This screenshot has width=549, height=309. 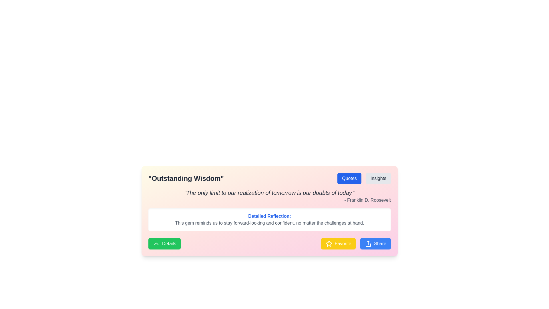 What do you see at coordinates (378, 178) in the screenshot?
I see `the 'Insights' button, which is a rectangular button with rounded corners, light gray background, and darker gray text` at bounding box center [378, 178].